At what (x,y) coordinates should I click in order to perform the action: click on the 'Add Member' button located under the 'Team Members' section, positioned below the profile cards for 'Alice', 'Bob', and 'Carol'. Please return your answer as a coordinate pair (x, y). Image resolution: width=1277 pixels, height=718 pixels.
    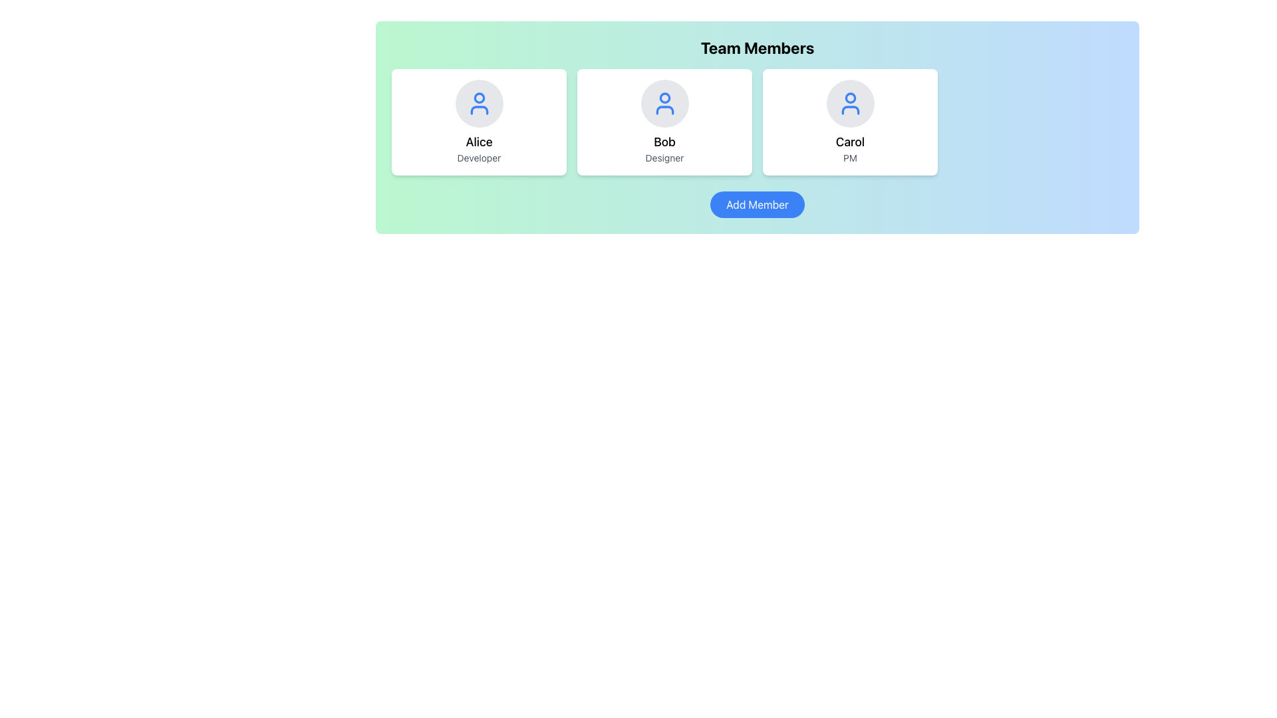
    Looking at the image, I should click on (757, 205).